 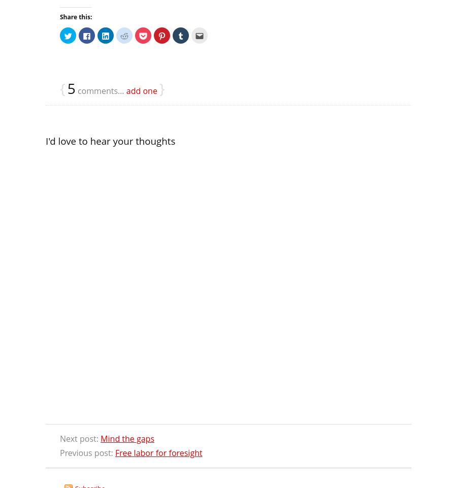 I want to click on 'Share this:', so click(x=59, y=16).